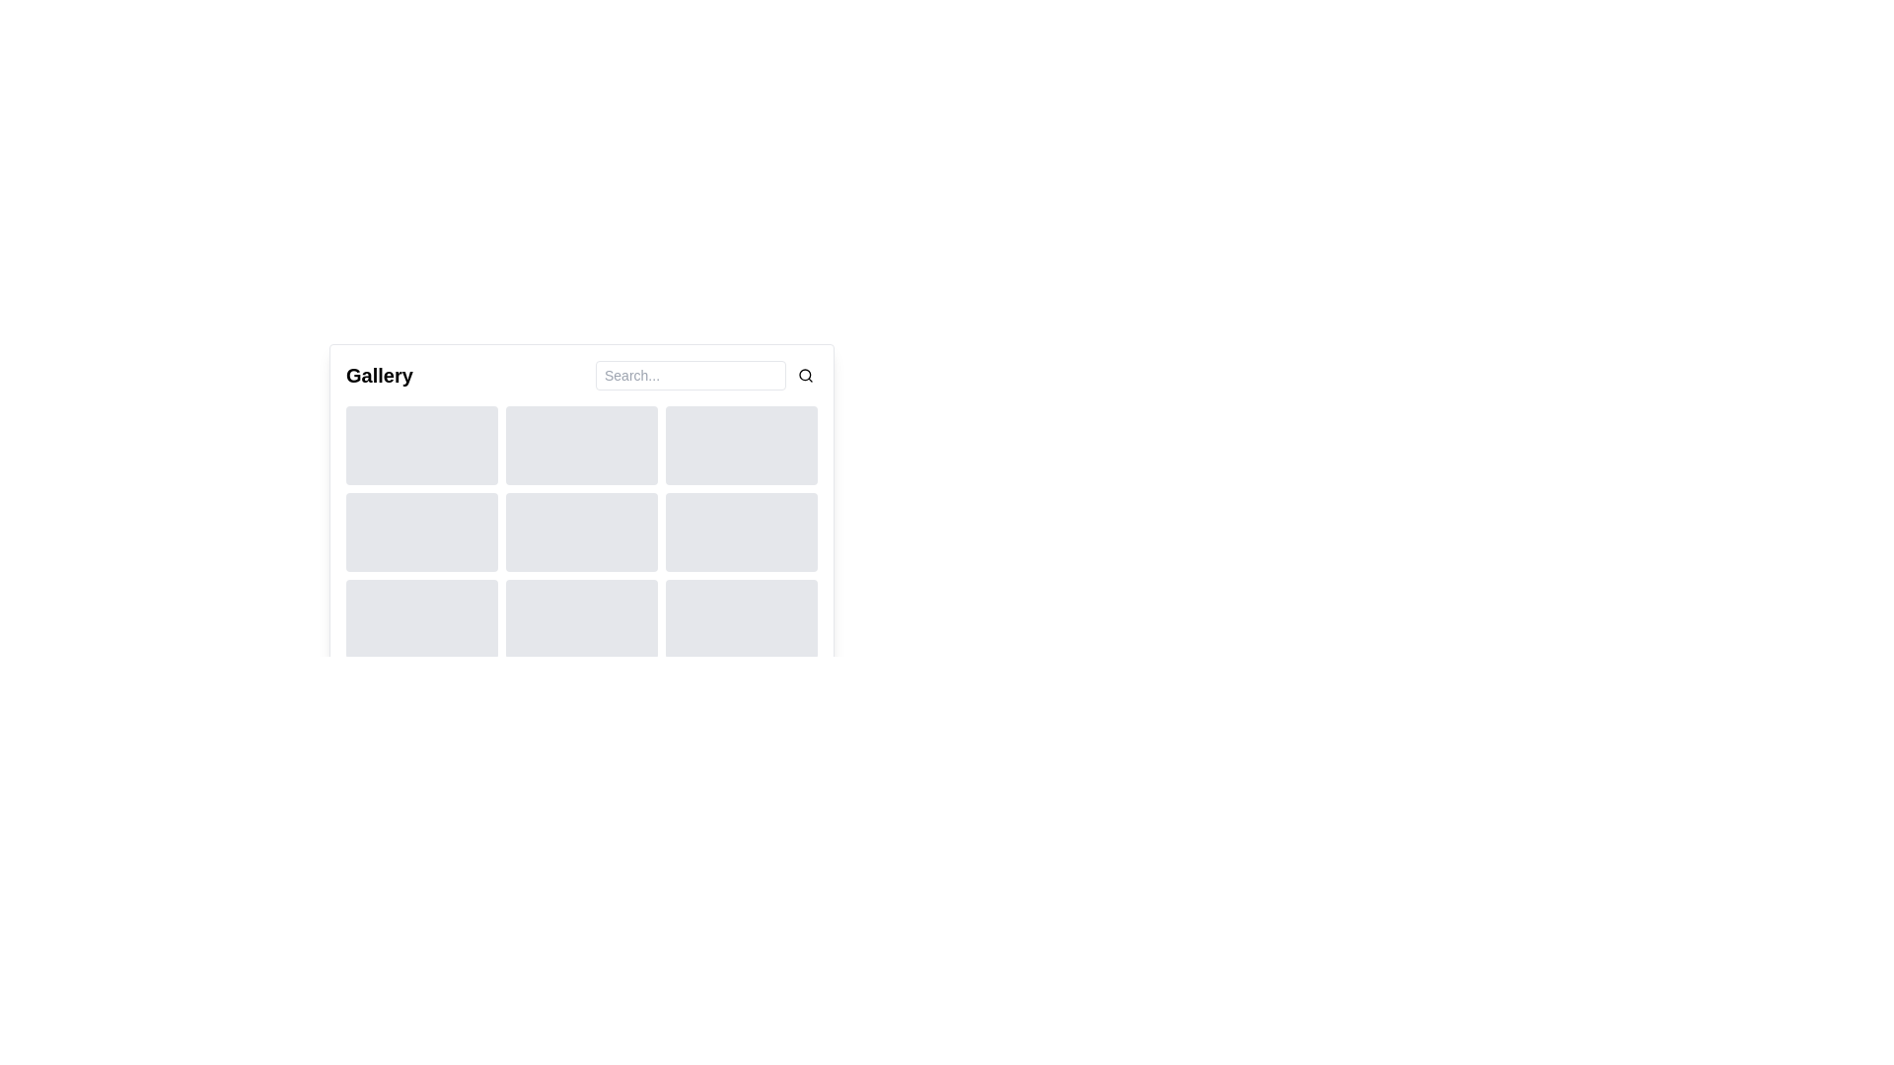  I want to click on the rectangular placeholder with rounded corners and light gray background located at the bottom-left corner of the grid, so click(420, 618).